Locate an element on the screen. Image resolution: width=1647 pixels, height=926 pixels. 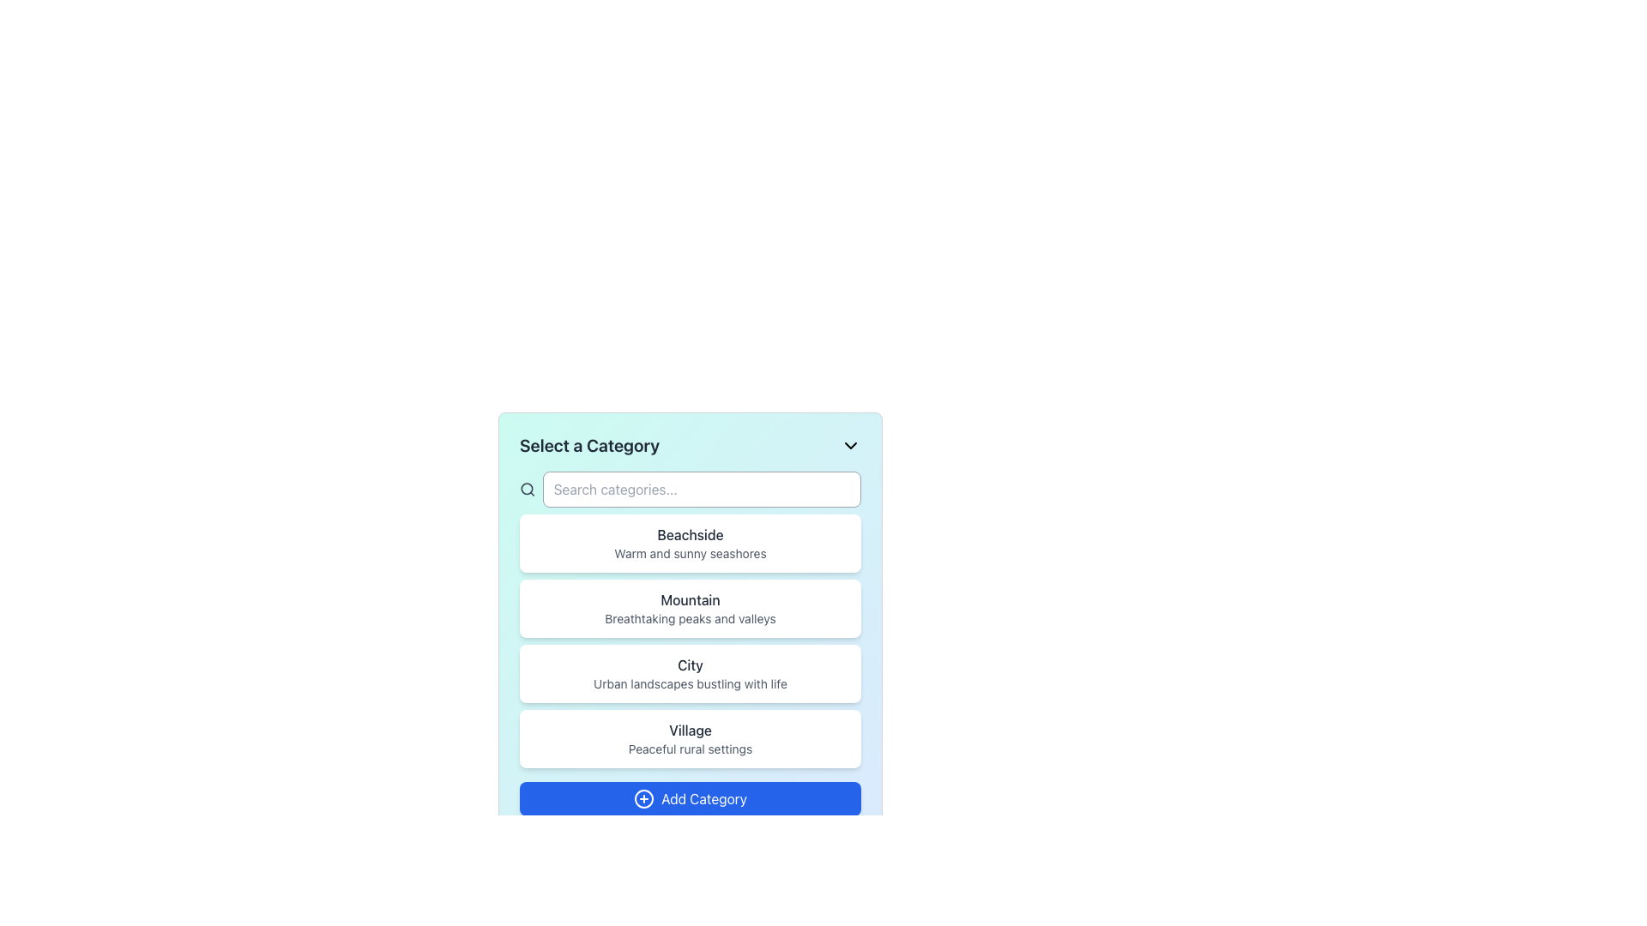
the button located at the bottom of the category list is located at coordinates (691, 799).